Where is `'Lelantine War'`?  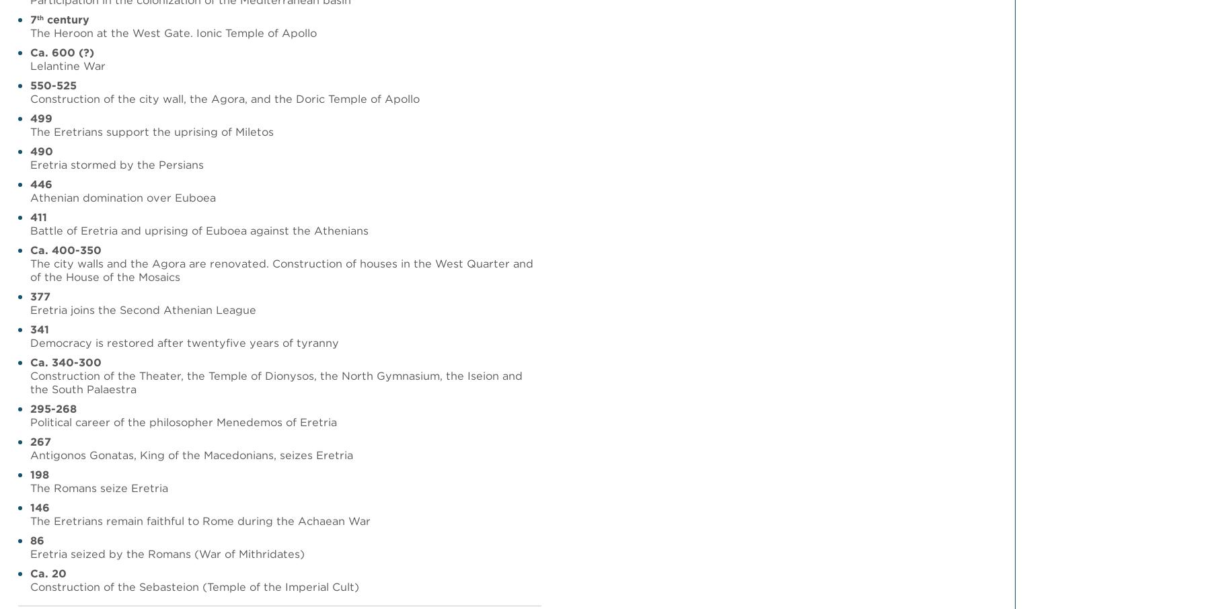
'Lelantine War' is located at coordinates (67, 65).